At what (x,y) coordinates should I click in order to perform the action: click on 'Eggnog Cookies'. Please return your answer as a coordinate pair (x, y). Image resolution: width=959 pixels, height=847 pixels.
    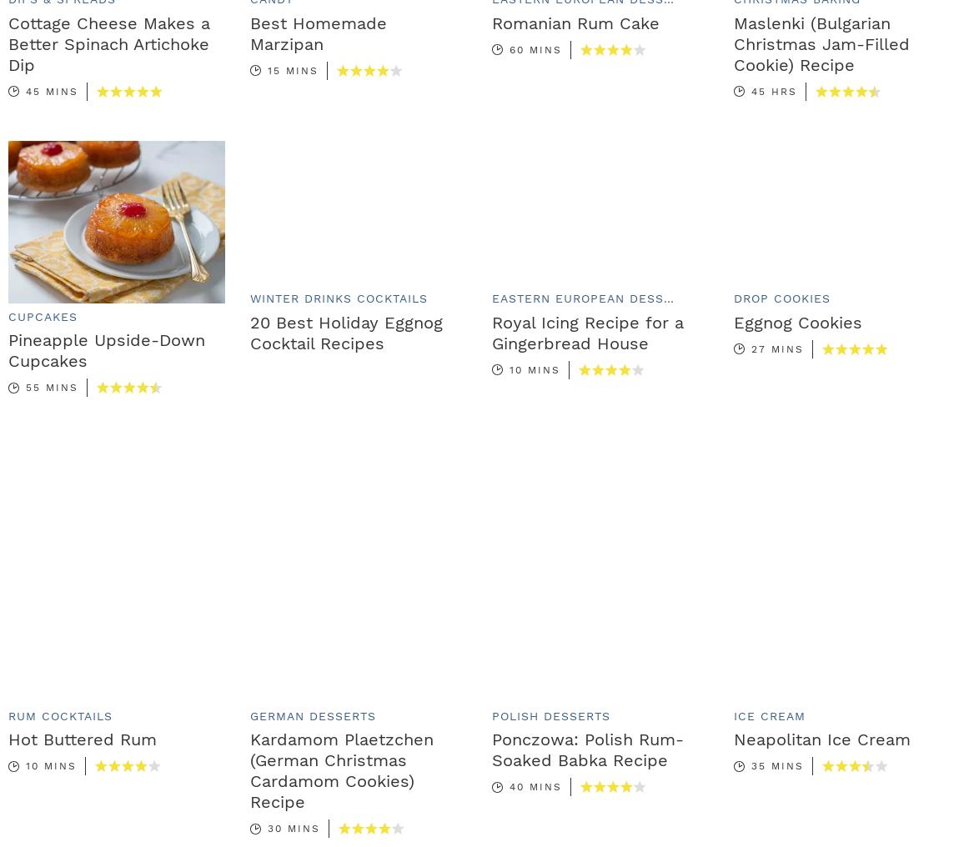
    Looking at the image, I should click on (798, 339).